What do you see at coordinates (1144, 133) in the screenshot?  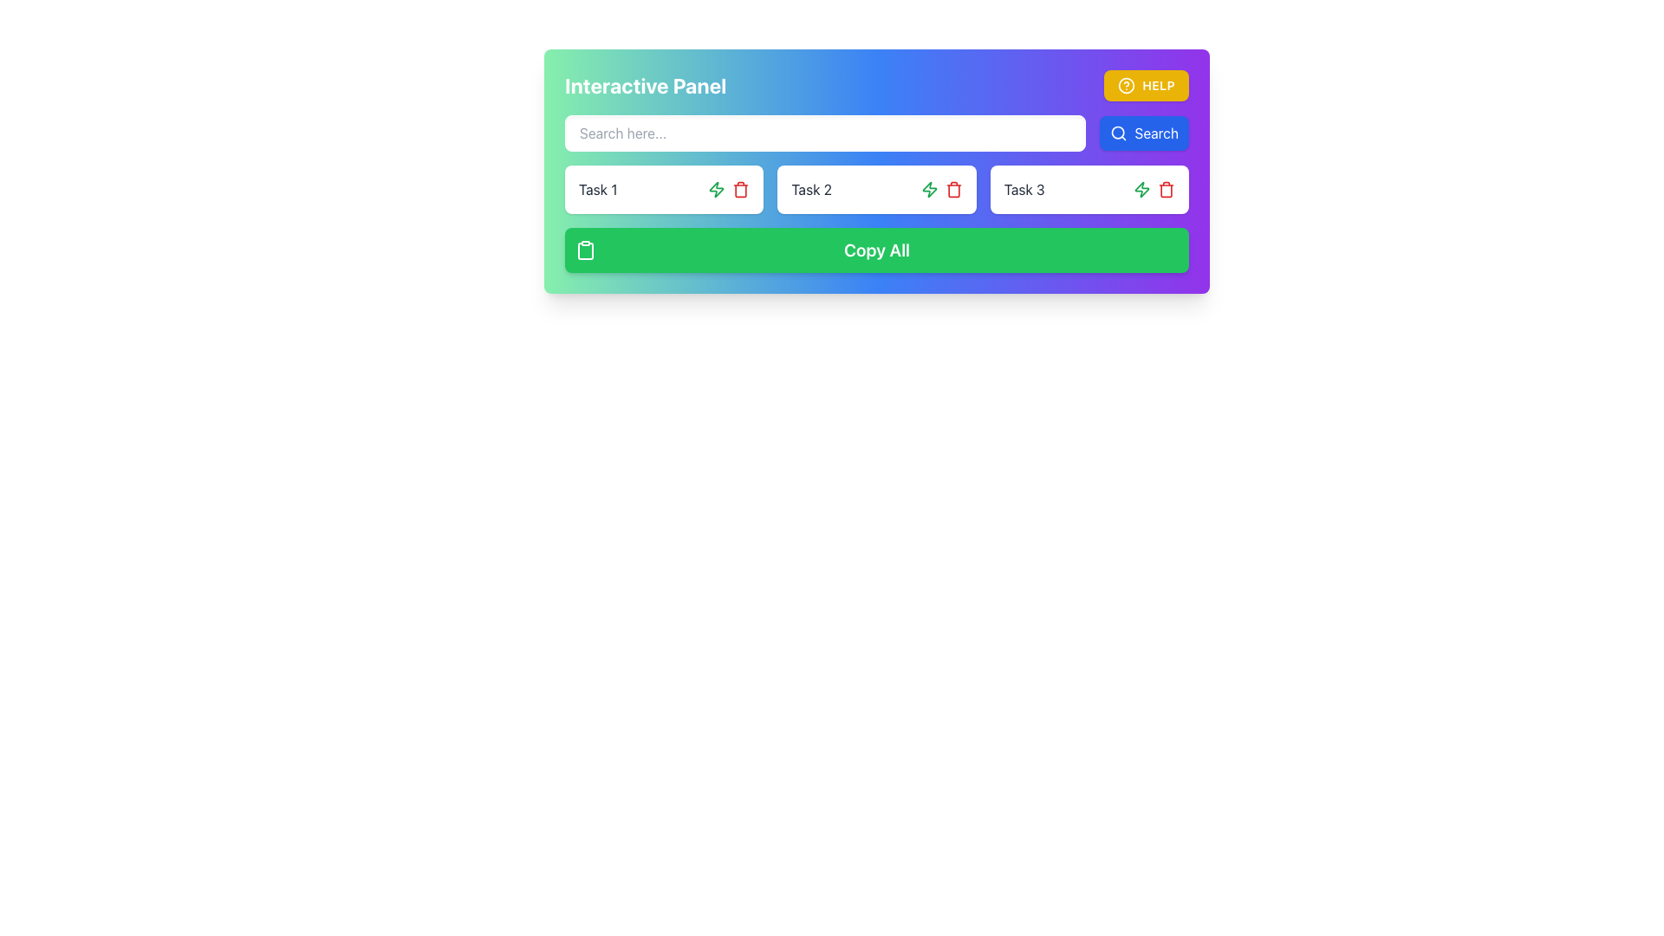 I see `the blue rectangular 'Search' button with a magnifying glass icon` at bounding box center [1144, 133].